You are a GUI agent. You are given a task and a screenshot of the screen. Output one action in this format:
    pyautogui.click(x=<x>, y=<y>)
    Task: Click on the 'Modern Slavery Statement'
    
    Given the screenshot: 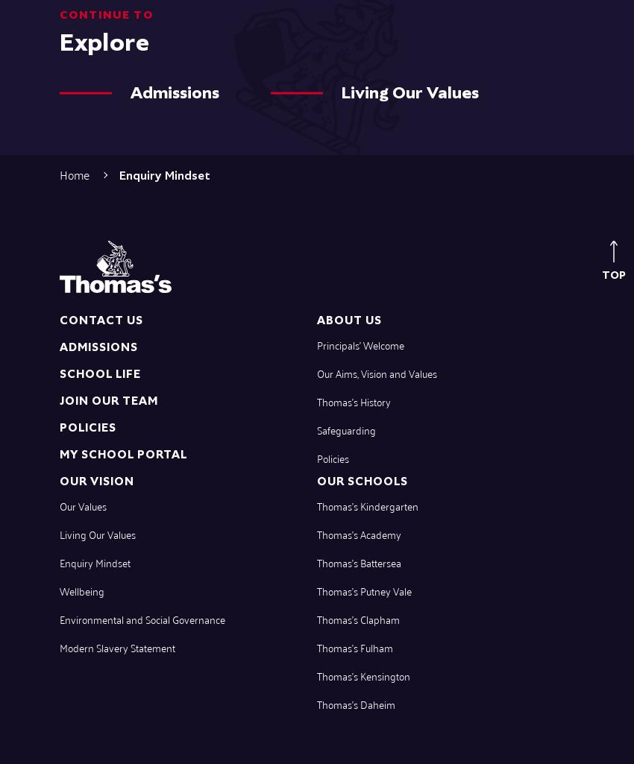 What is the action you would take?
    pyautogui.click(x=117, y=646)
    